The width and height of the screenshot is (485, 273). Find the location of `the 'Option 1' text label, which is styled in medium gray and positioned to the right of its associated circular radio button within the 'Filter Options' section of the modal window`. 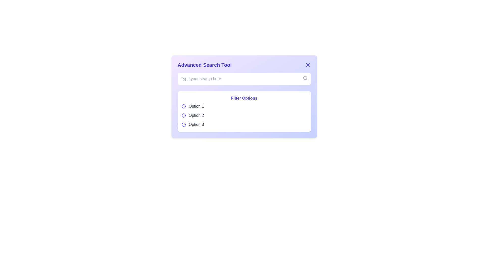

the 'Option 1' text label, which is styled in medium gray and positioned to the right of its associated circular radio button within the 'Filter Options' section of the modal window is located at coordinates (196, 106).